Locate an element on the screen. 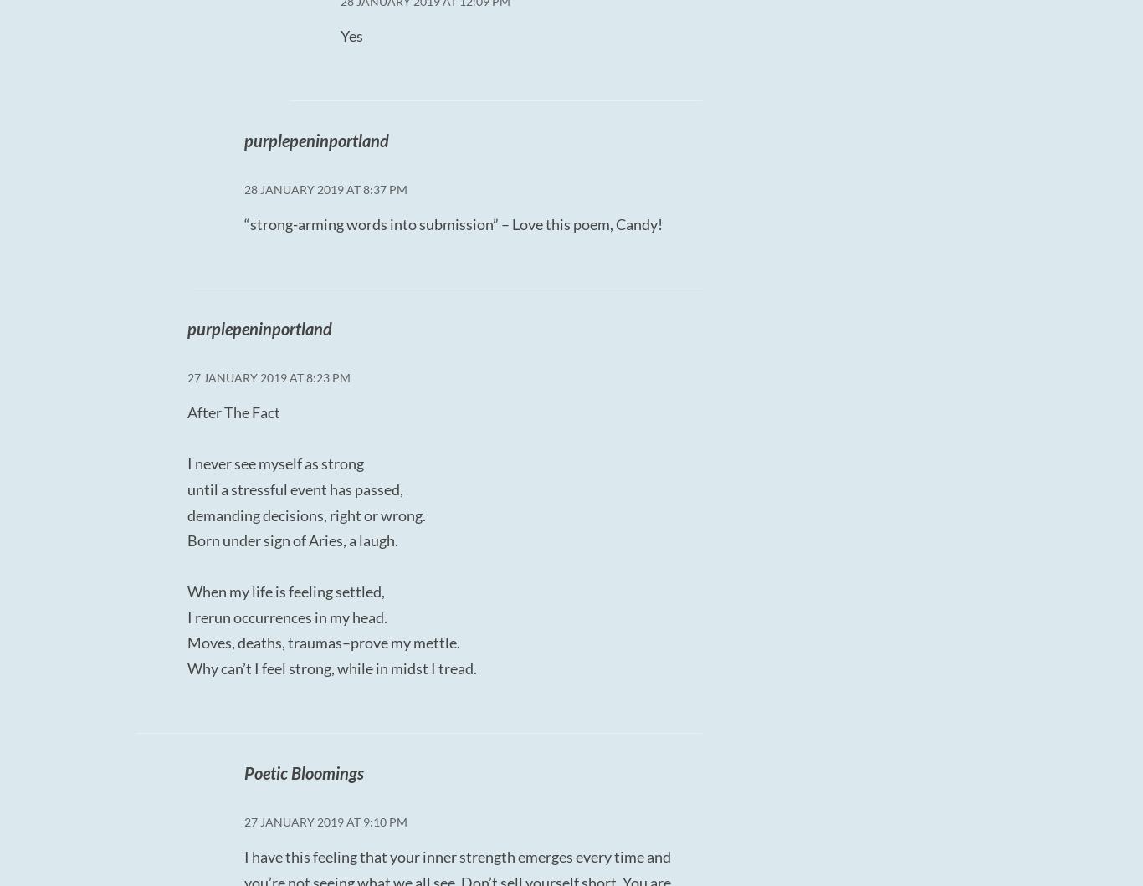 This screenshot has height=886, width=1143. 'Moves, deaths, traumas–prove my mettle.' is located at coordinates (322, 641).